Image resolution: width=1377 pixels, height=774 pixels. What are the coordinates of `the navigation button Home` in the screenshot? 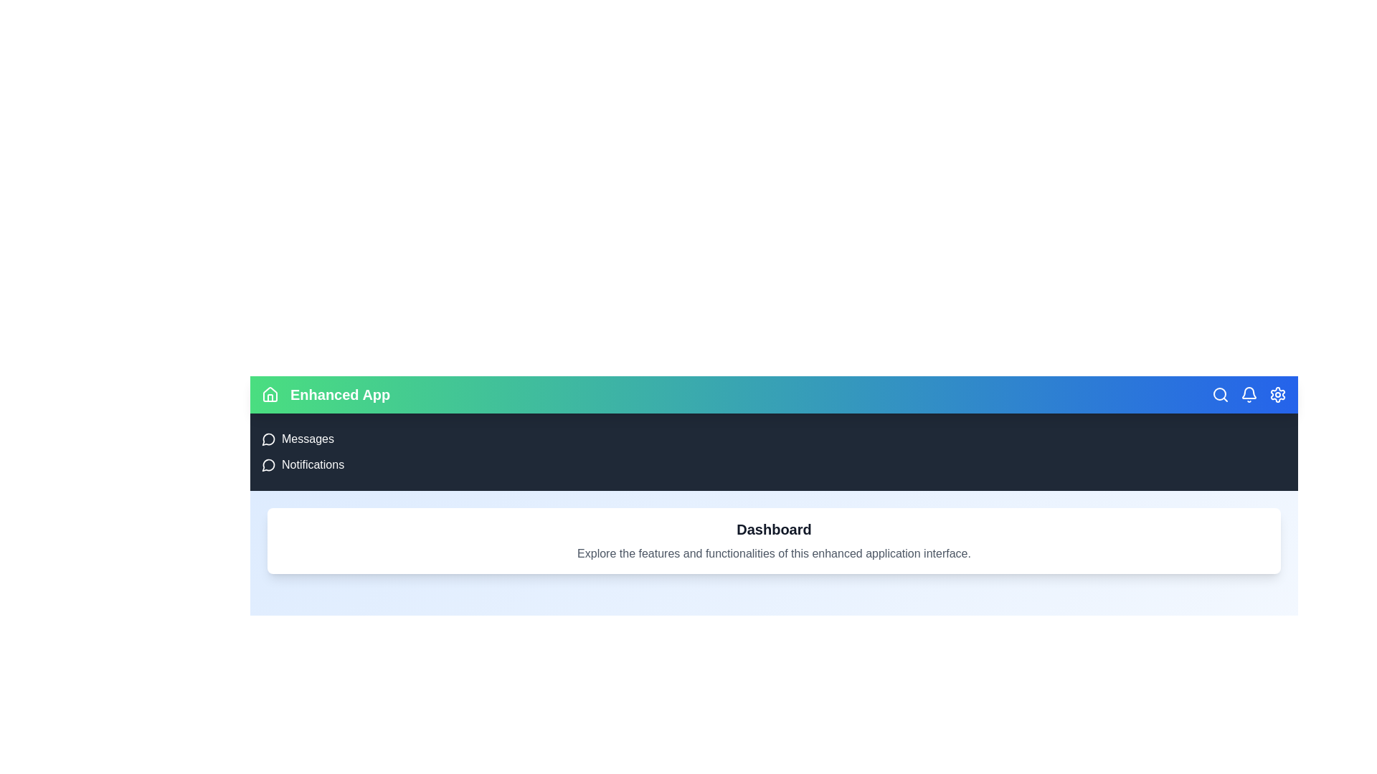 It's located at (270, 395).